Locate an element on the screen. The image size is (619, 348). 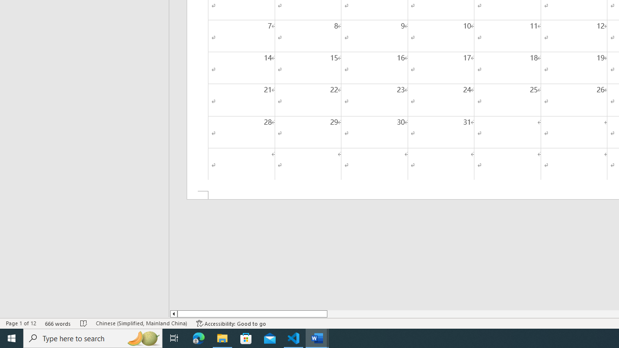
'Column left' is located at coordinates (173, 314).